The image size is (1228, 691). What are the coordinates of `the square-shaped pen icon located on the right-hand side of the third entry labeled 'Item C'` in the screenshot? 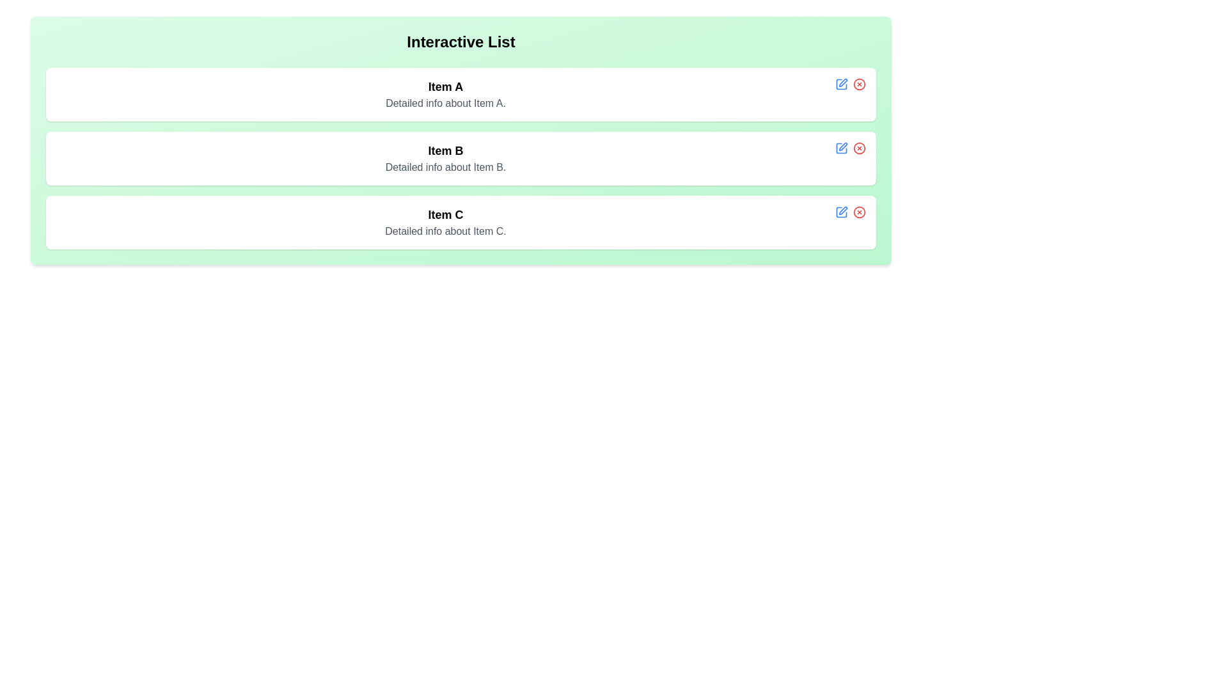 It's located at (841, 211).